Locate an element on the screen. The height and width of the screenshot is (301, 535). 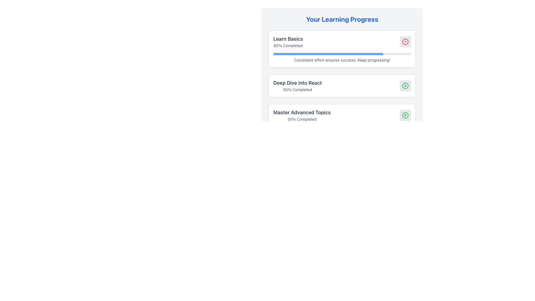
the removal button located in the top-right corner of the 'Learn Basics' card in the 'Your Learning Progress' section is located at coordinates (405, 42).